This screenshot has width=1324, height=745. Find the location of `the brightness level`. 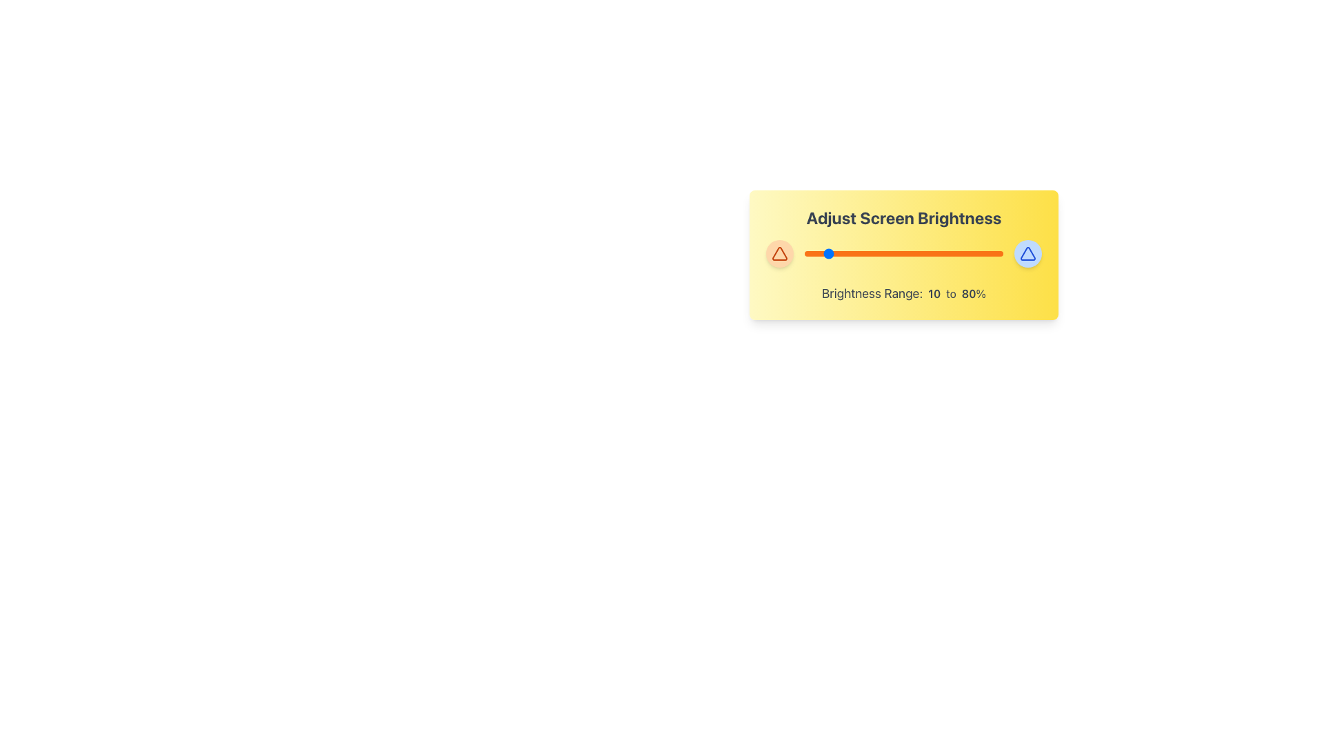

the brightness level is located at coordinates (965, 253).